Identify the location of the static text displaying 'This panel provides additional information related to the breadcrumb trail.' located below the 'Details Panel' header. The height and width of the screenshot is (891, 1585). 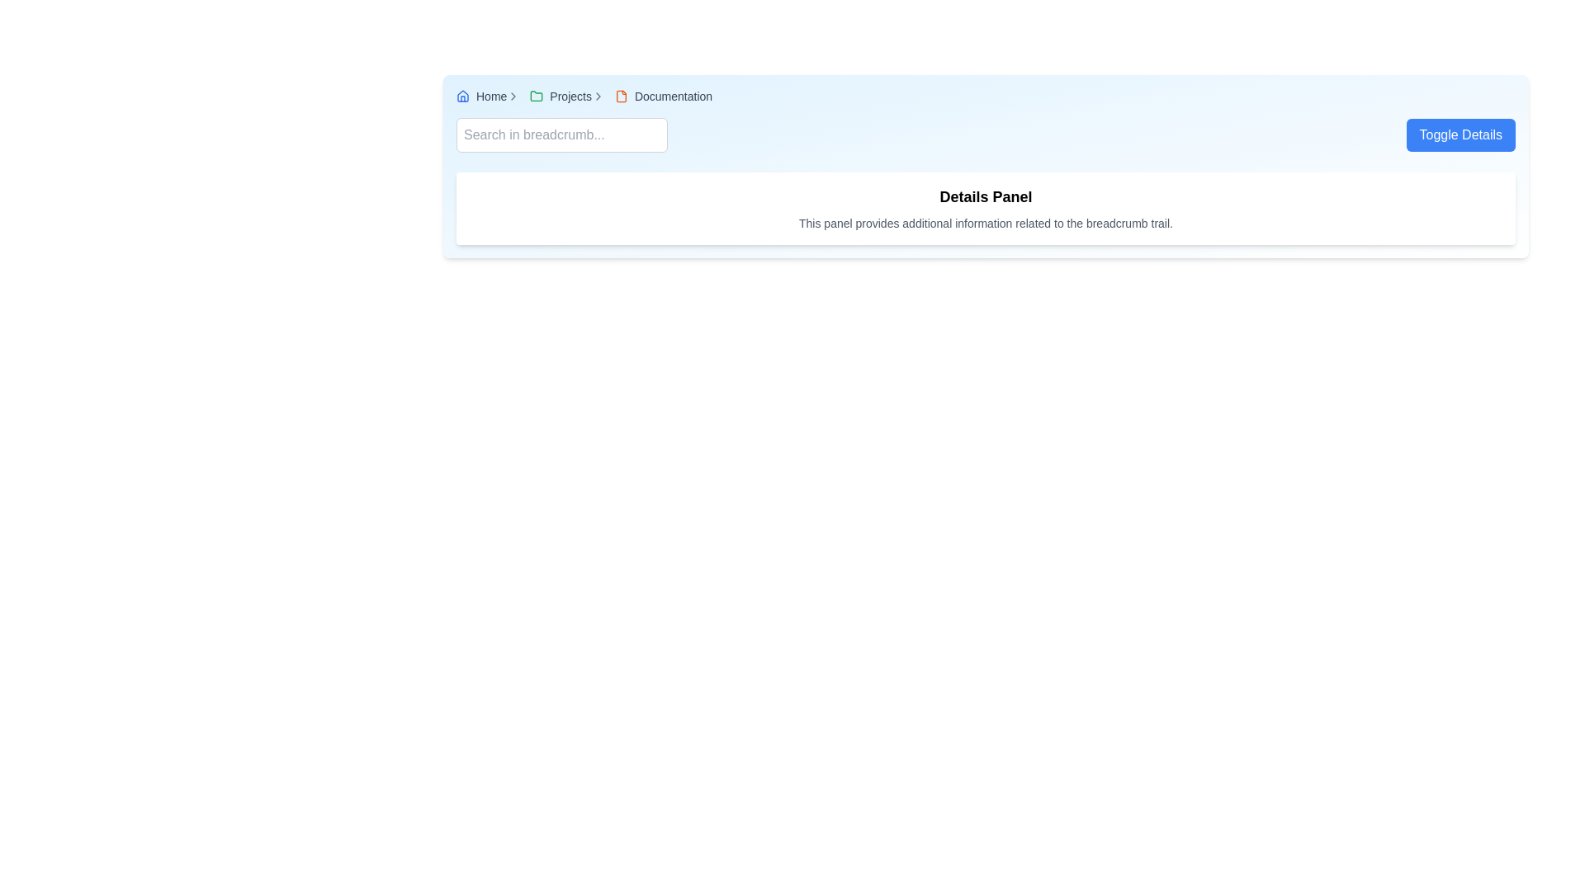
(986, 223).